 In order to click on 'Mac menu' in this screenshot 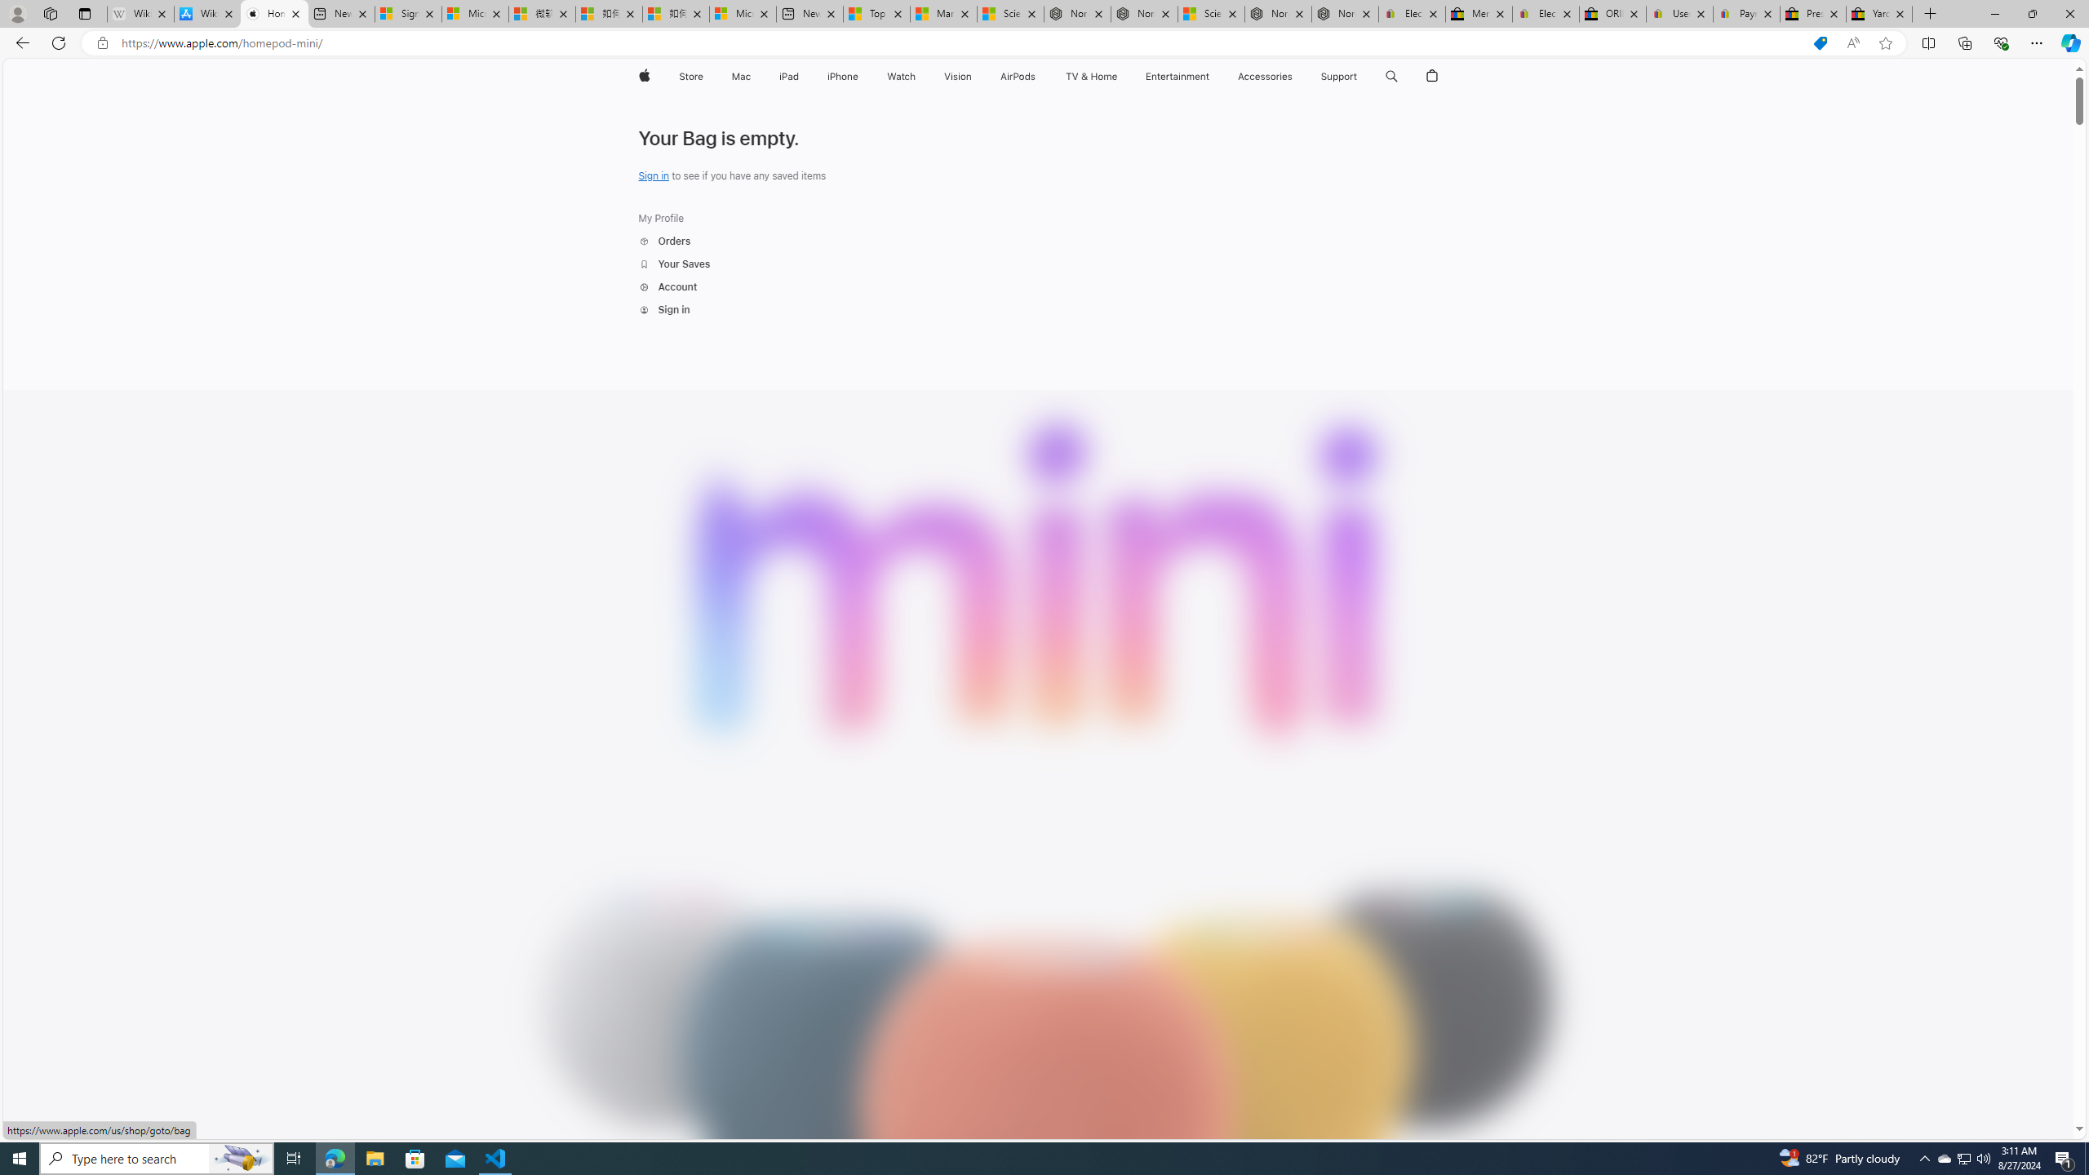, I will do `click(752, 76)`.